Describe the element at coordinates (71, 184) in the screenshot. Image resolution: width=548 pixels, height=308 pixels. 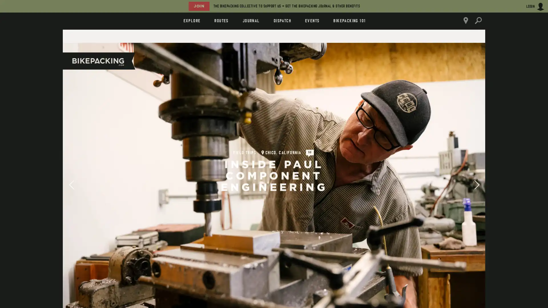
I see `Previous slide` at that location.